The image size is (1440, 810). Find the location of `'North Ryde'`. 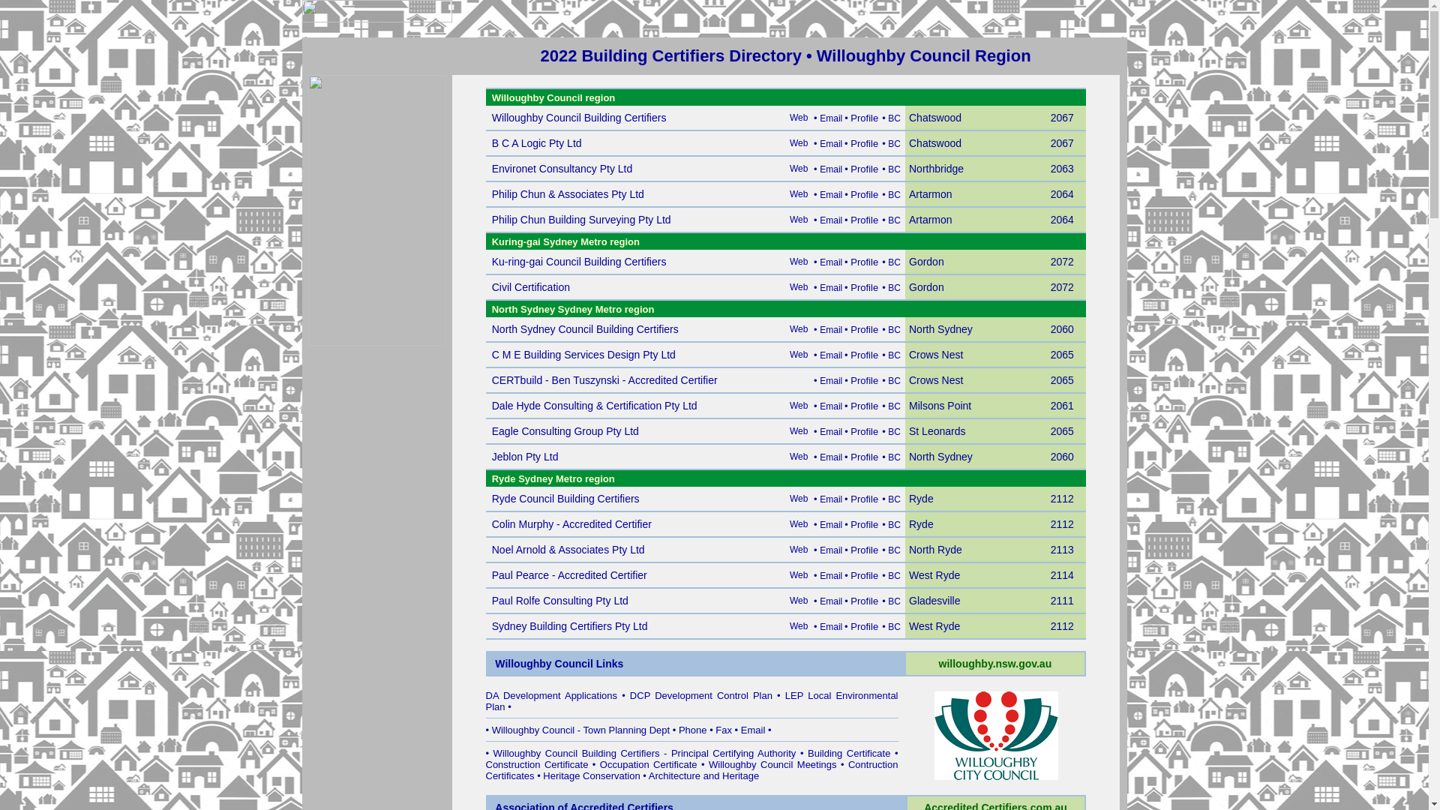

'North Ryde' is located at coordinates (934, 550).